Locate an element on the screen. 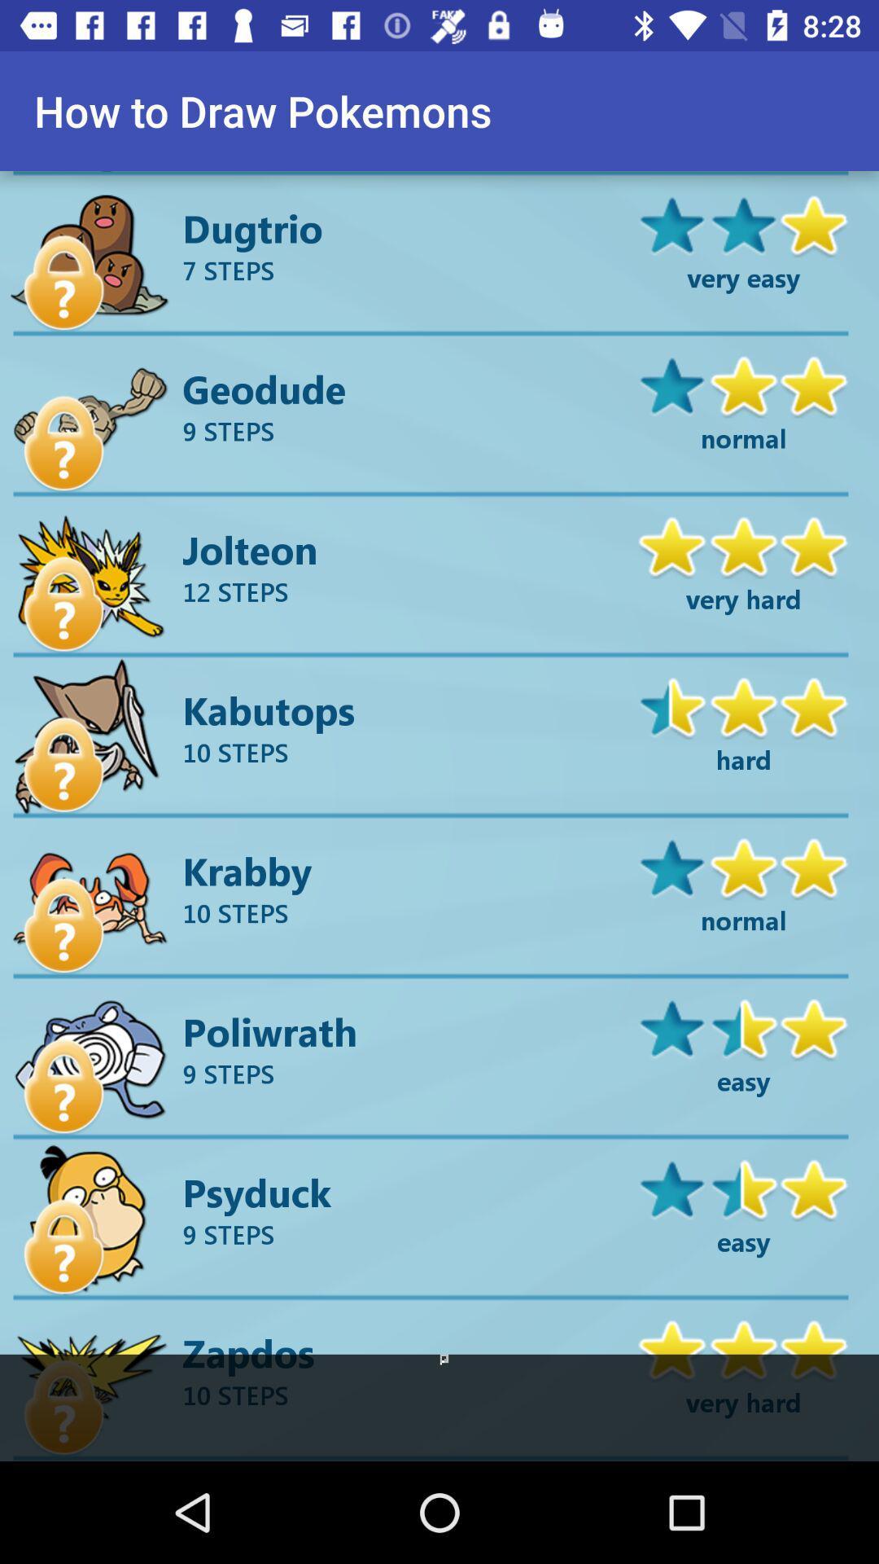 The image size is (879, 1564). the icon which is left to the text jolteon is located at coordinates (63, 604).